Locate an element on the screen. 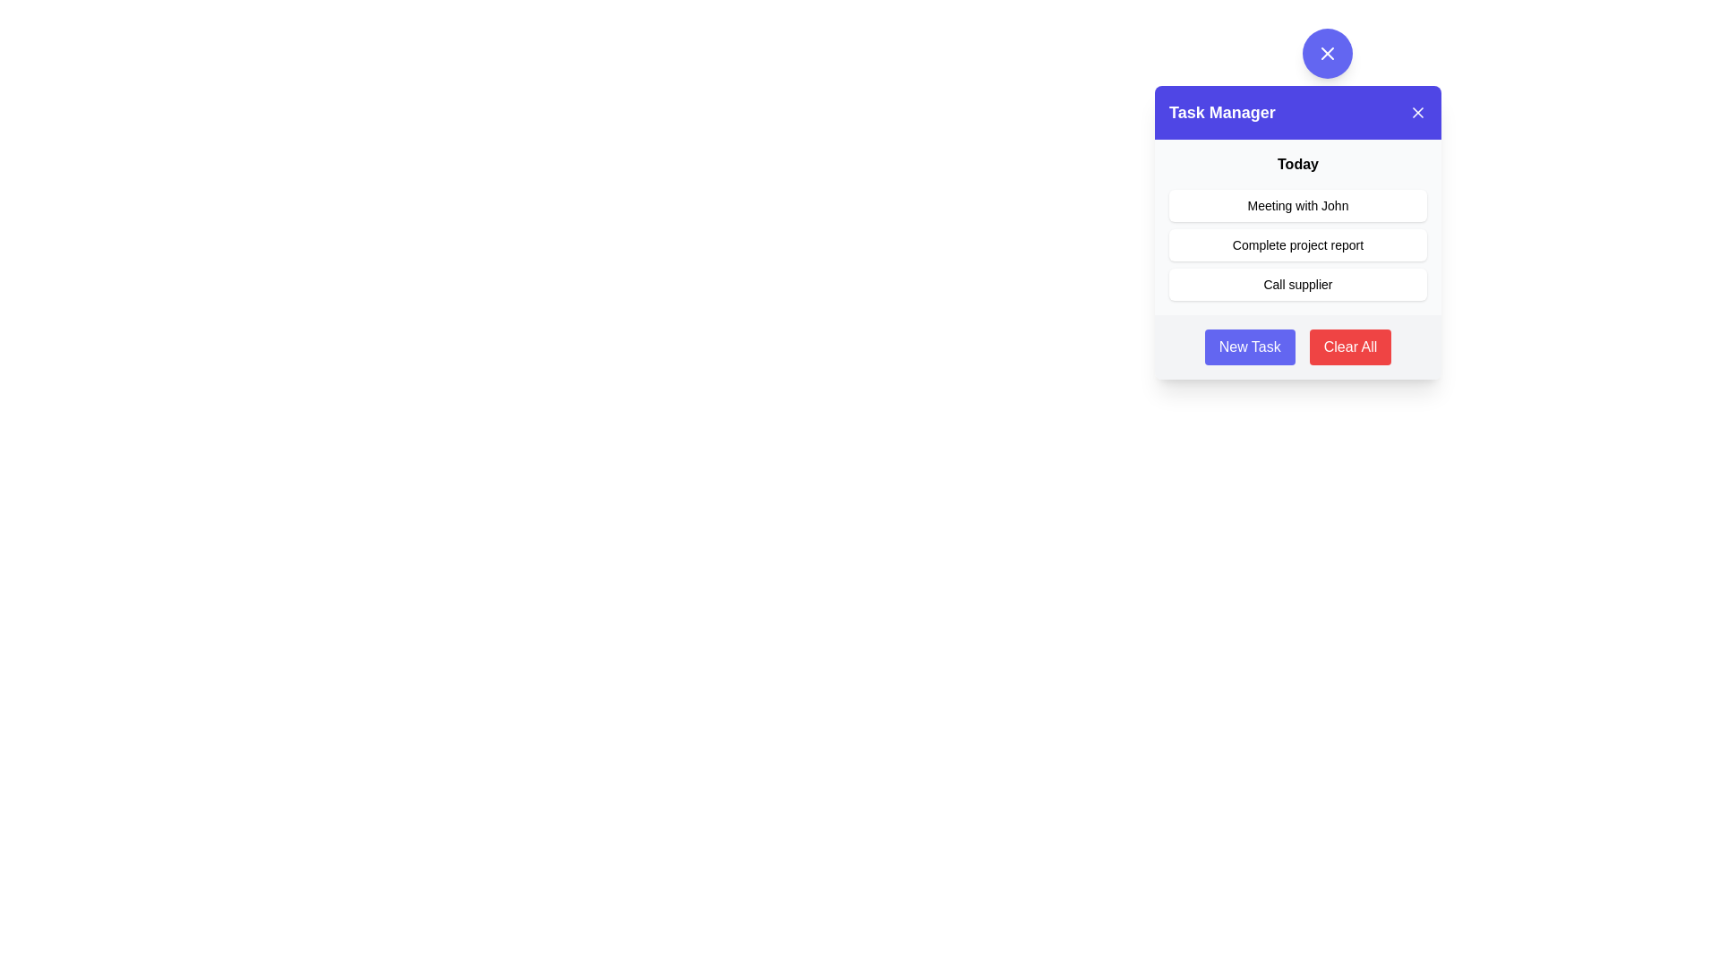 The height and width of the screenshot is (967, 1719). the close button located at the top-right corner of the modal dialog header is located at coordinates (1417, 113).